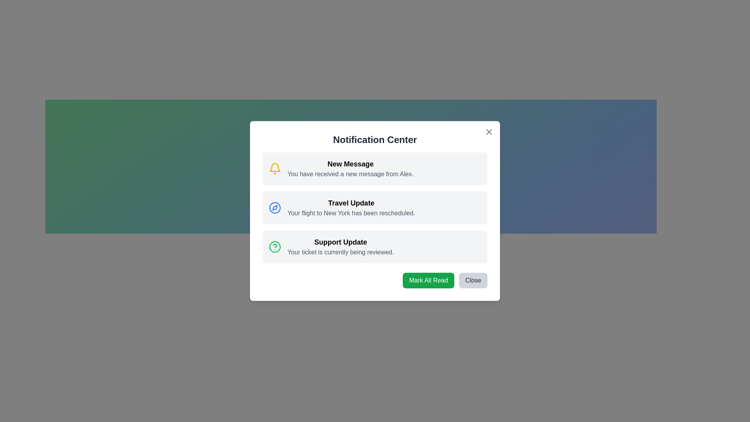  Describe the element at coordinates (351, 213) in the screenshot. I see `message contents of the static text label displaying 'Your flight to New York has been rescheduled.', which is positioned beneath the title 'Travel Update' in the notification card` at that location.